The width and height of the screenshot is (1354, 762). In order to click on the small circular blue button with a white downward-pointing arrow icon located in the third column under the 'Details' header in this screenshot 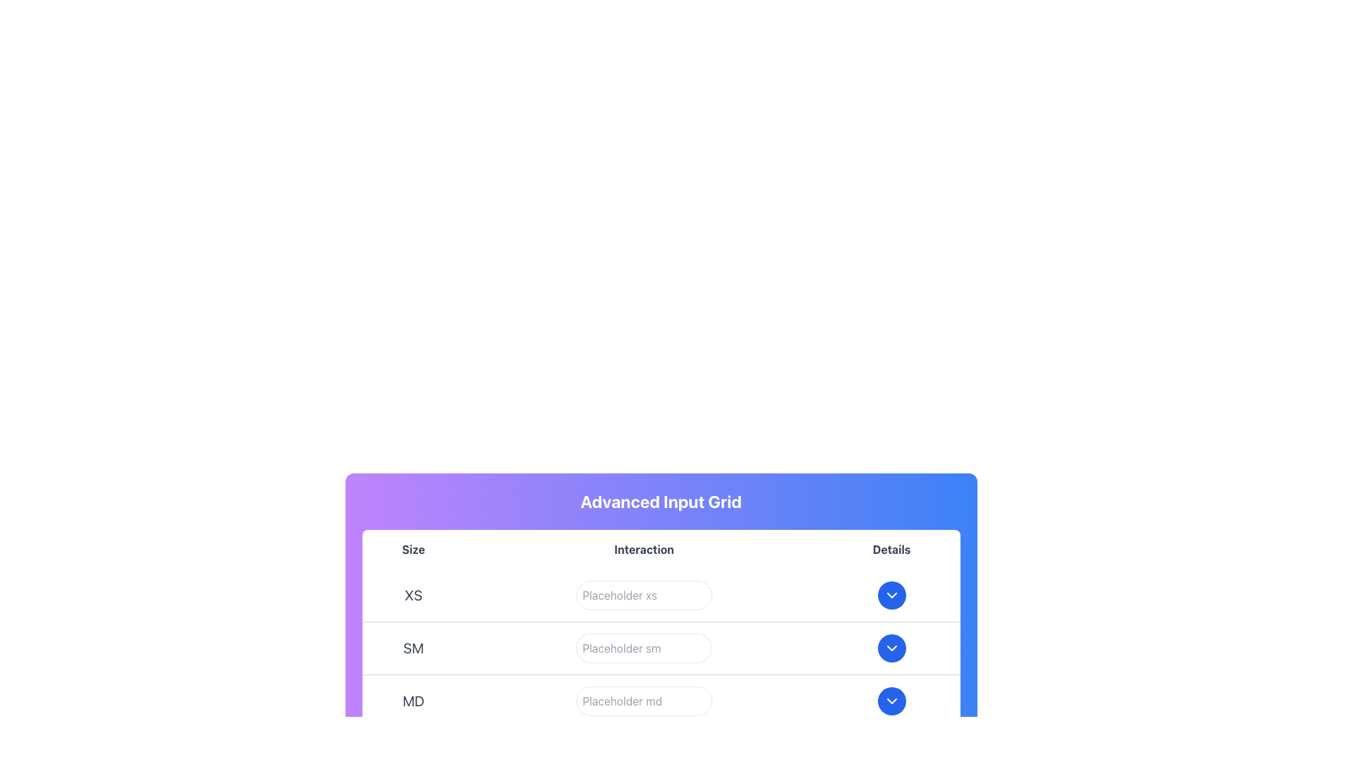, I will do `click(891, 595)`.